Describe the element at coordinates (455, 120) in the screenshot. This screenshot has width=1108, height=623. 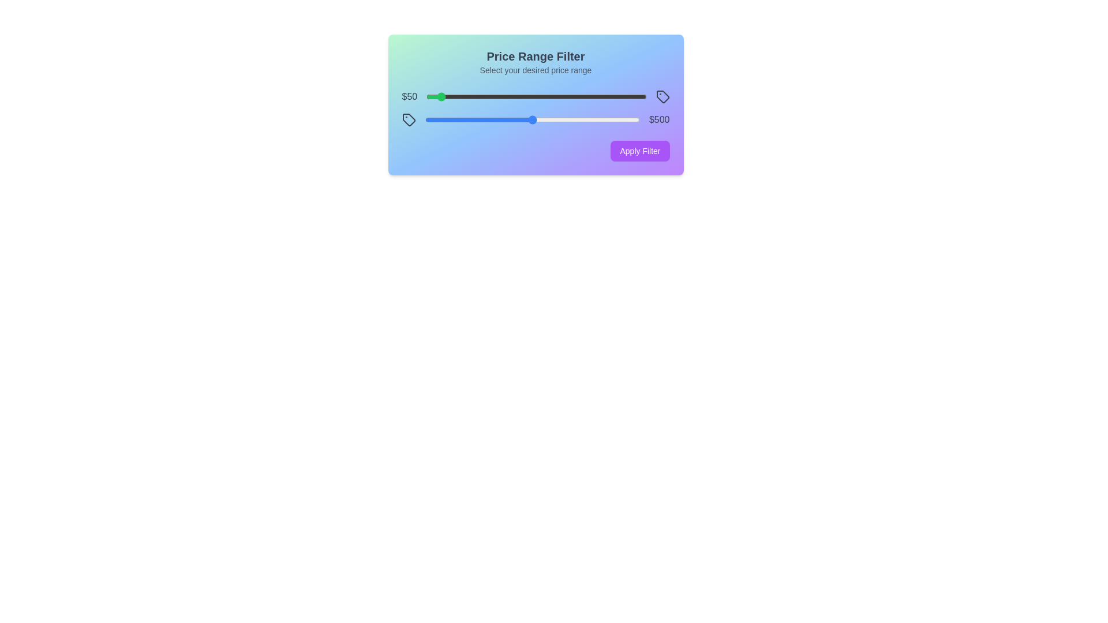
I see `the maximum price slider to 142` at that location.